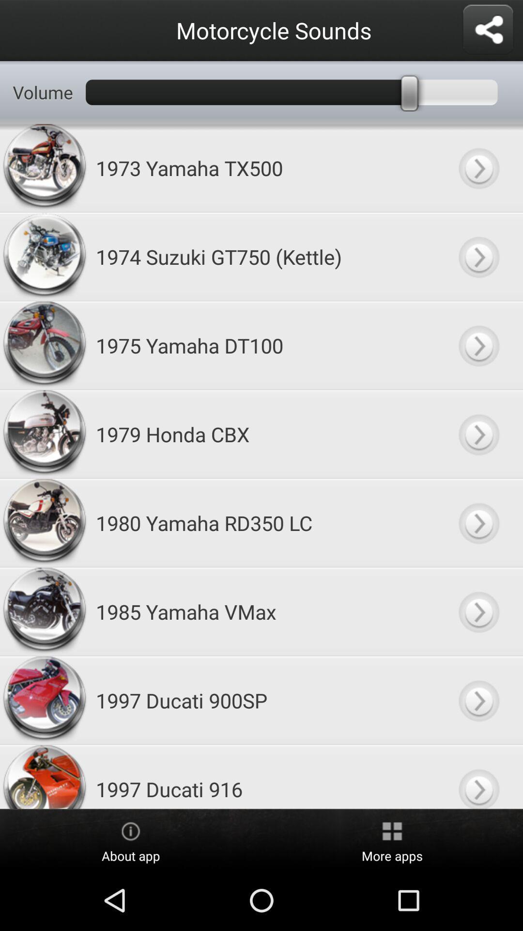 The height and width of the screenshot is (931, 523). What do you see at coordinates (478, 433) in the screenshot?
I see `sound` at bounding box center [478, 433].